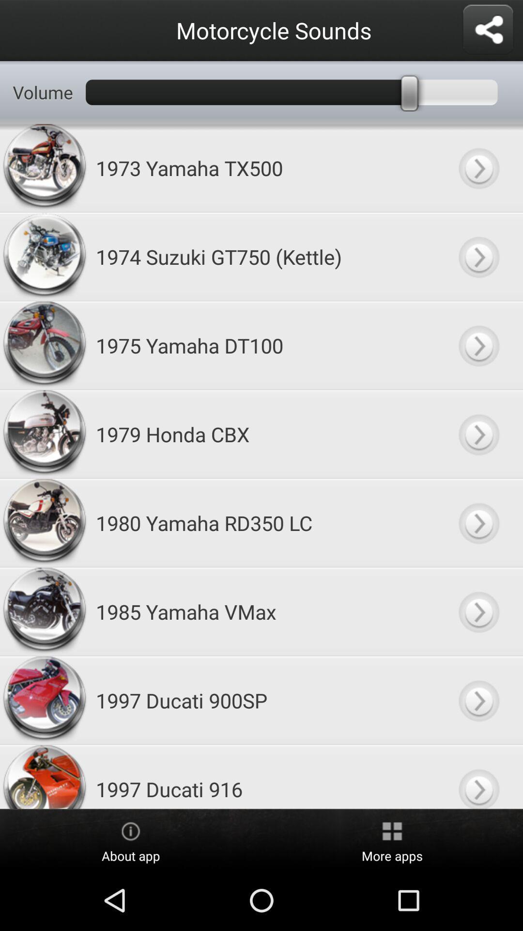 The height and width of the screenshot is (931, 523). What do you see at coordinates (478, 433) in the screenshot?
I see `sound` at bounding box center [478, 433].